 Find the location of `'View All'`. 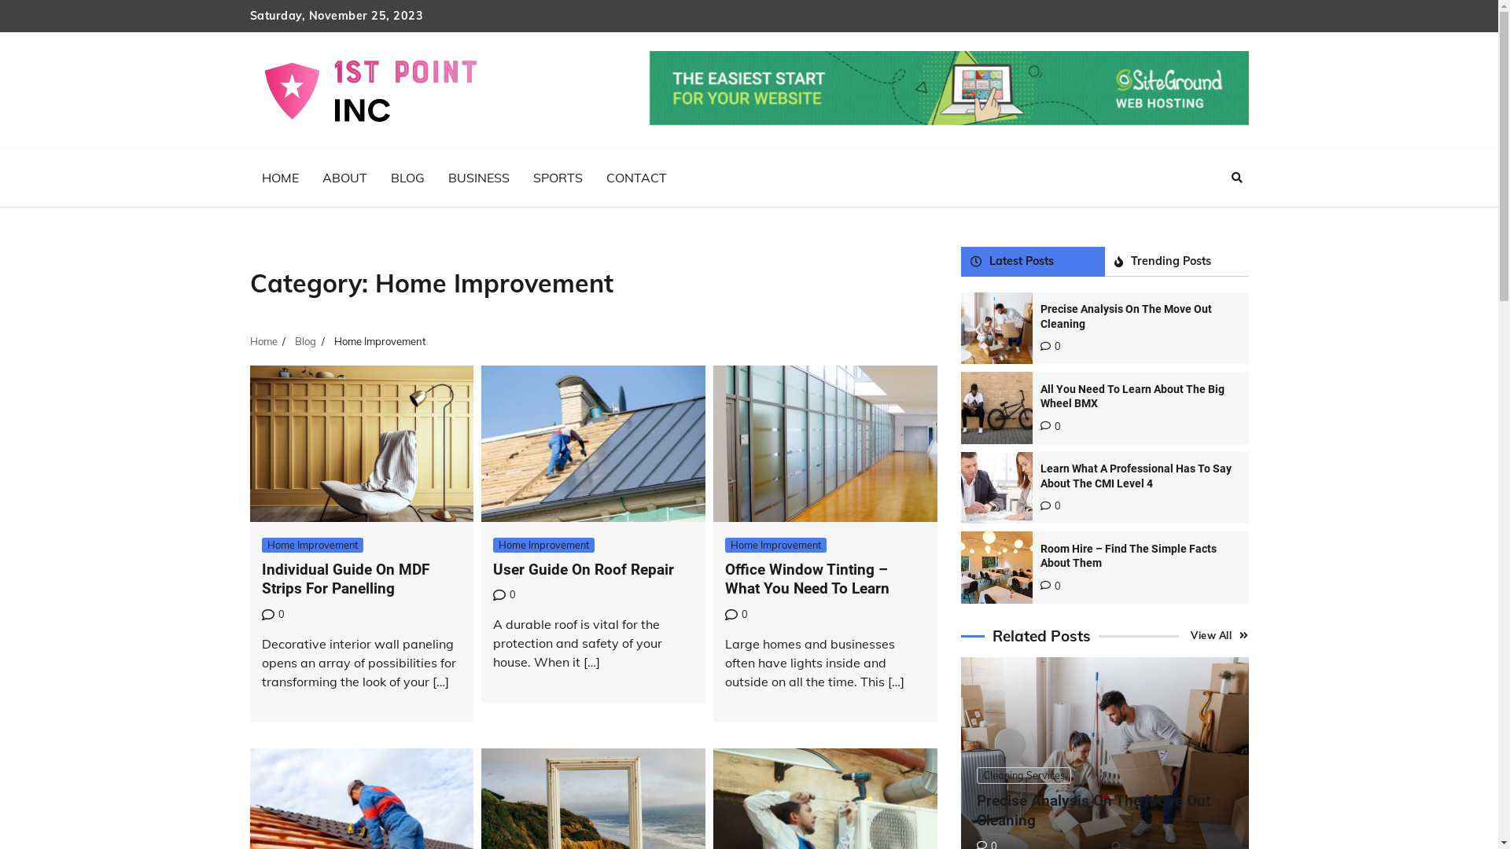

'View All' is located at coordinates (1218, 635).